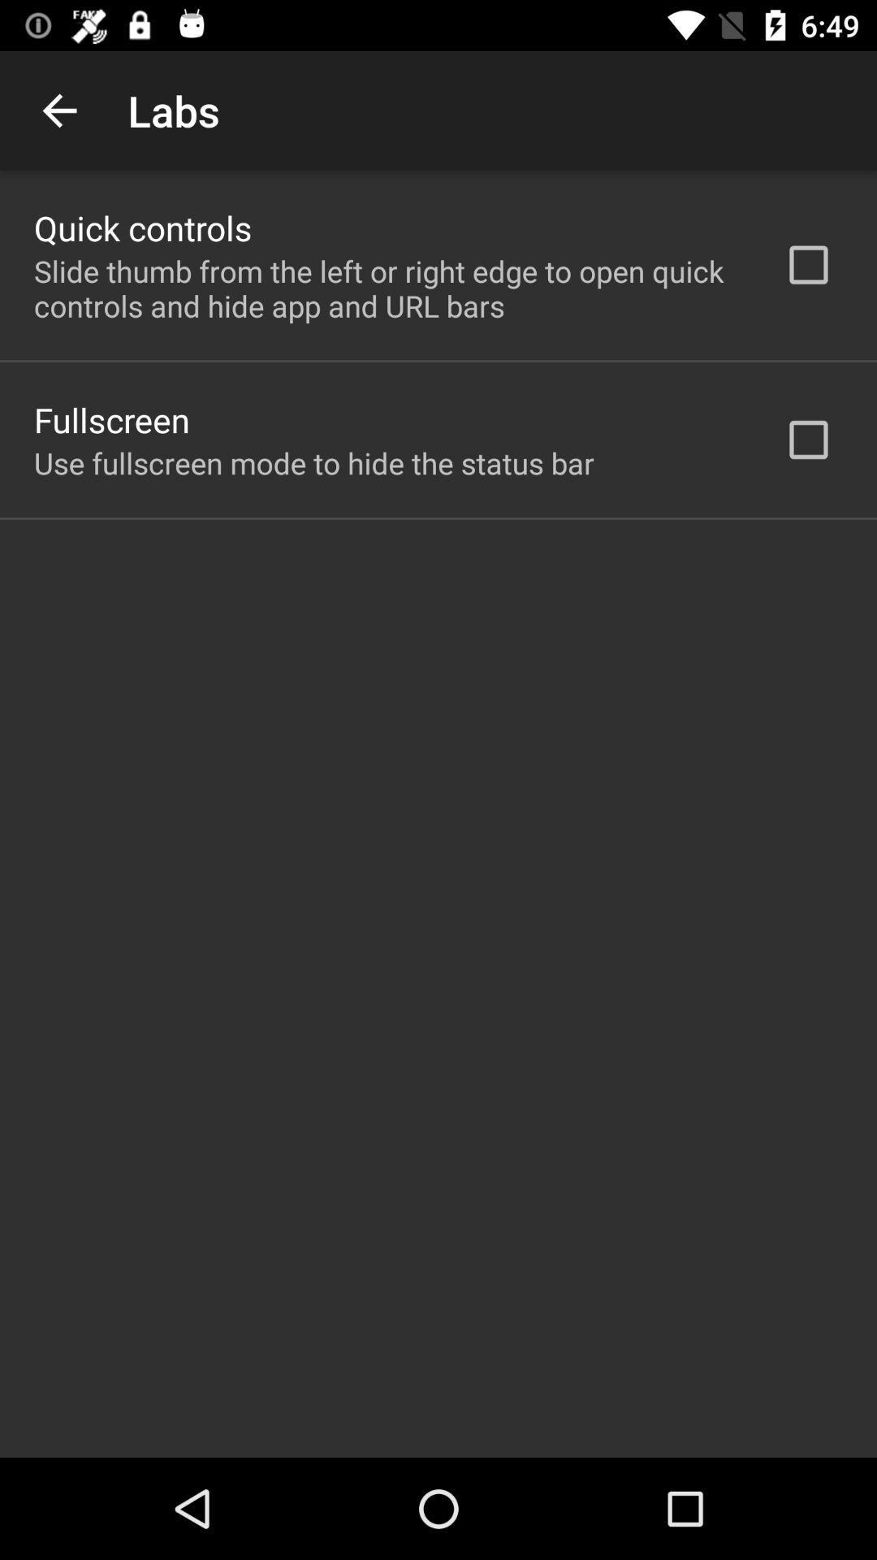 This screenshot has width=877, height=1560. Describe the element at coordinates (58, 110) in the screenshot. I see `the app above quick controls app` at that location.